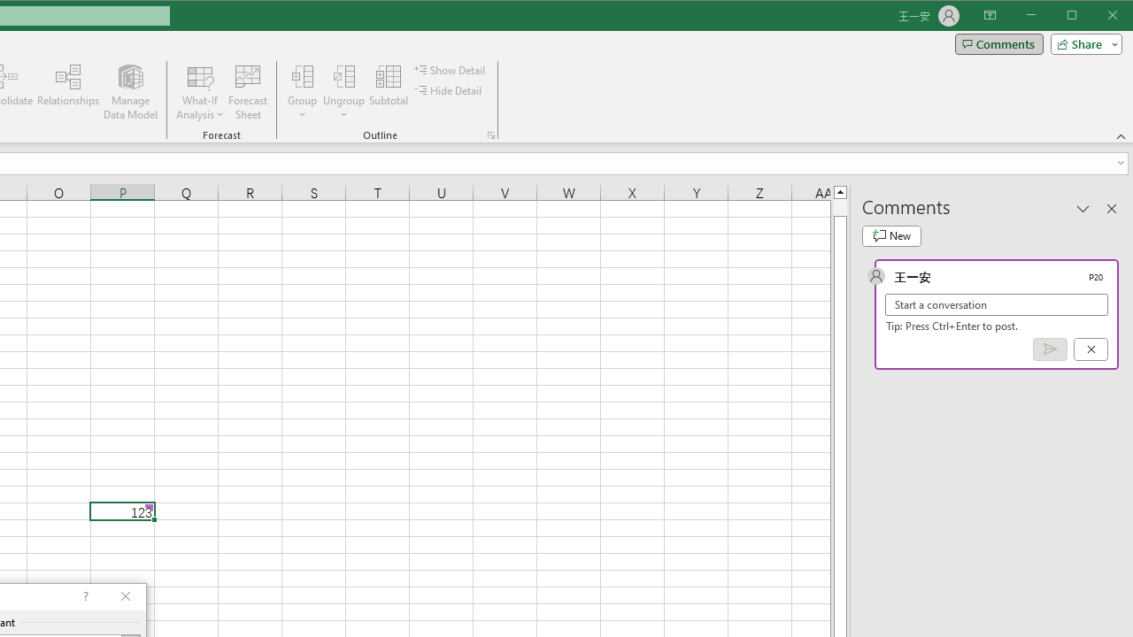  What do you see at coordinates (200, 92) in the screenshot?
I see `'What-If Analysis'` at bounding box center [200, 92].